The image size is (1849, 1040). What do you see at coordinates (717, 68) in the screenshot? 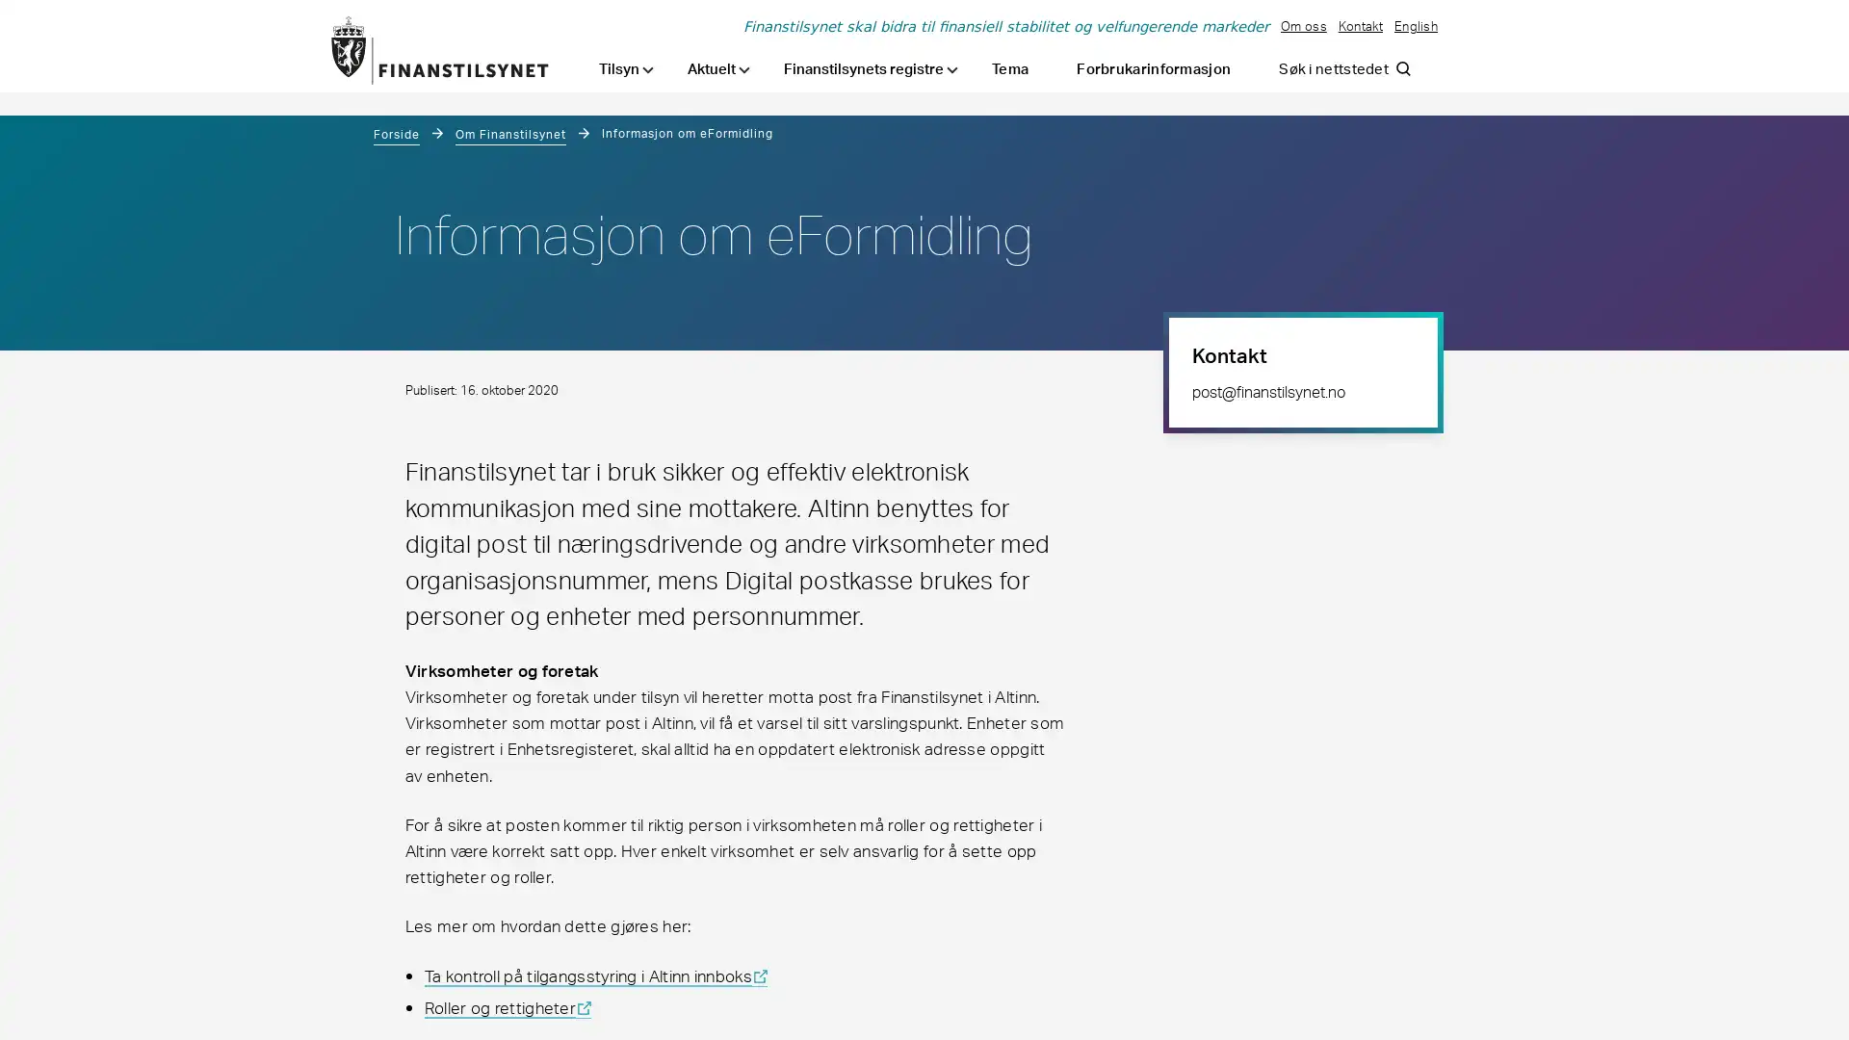
I see `Aktuelt Aktuelt` at bounding box center [717, 68].